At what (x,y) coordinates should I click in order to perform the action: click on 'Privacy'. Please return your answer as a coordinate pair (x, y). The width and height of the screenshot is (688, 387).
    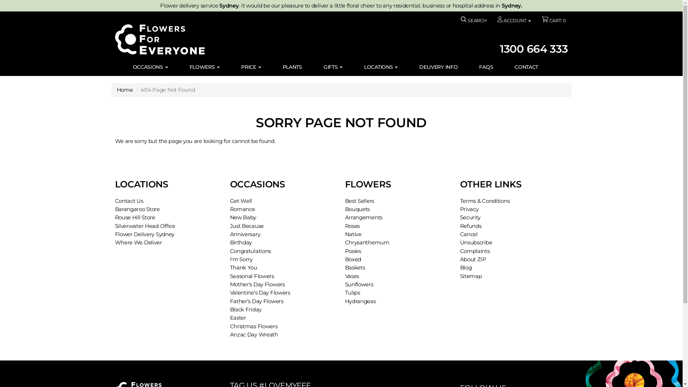
    Looking at the image, I should click on (460, 209).